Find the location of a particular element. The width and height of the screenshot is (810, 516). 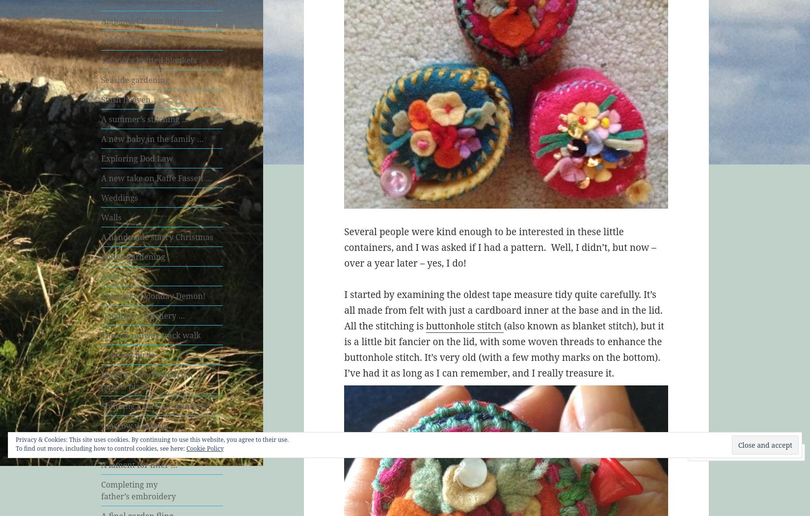

'Christmas cards' is located at coordinates (131, 444).